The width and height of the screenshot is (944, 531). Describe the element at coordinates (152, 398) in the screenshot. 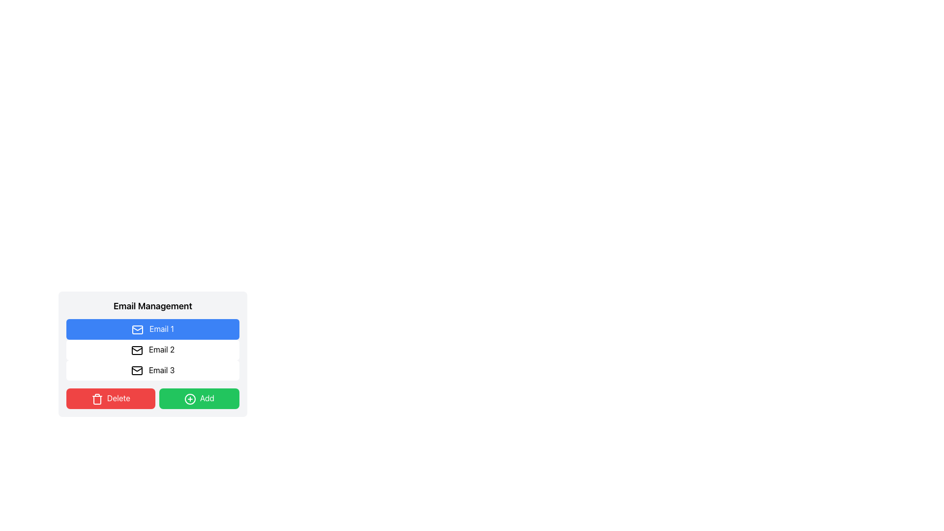

I see `the 'Add' button located in the bottommost Button Group of the 'Email Management' section` at that location.